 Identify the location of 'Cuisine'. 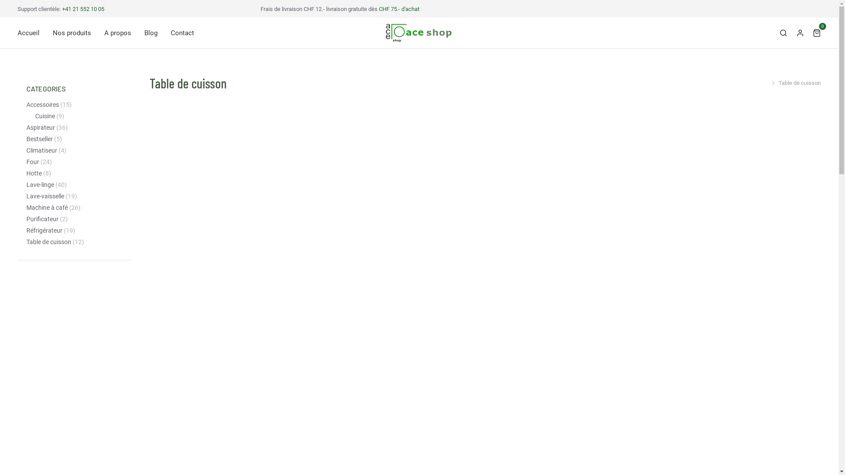
(35, 116).